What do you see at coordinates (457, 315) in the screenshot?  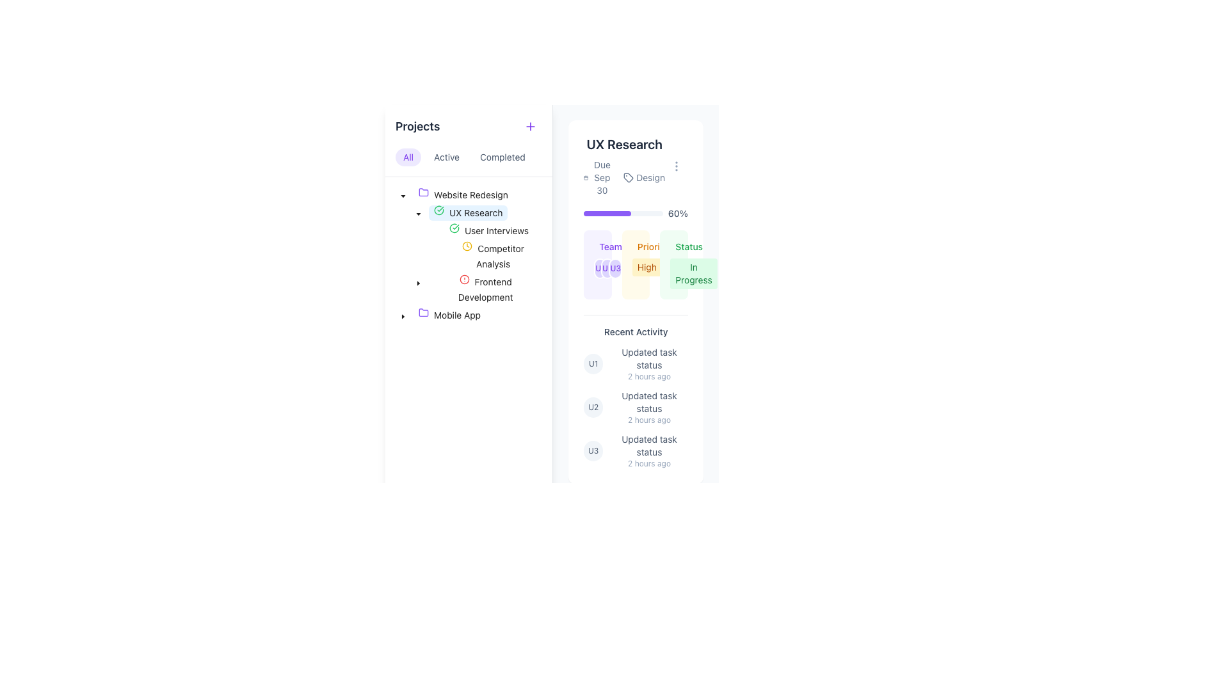 I see `the clickable 'Mobile App' project label in the third tier of the navigation under 'Projects'` at bounding box center [457, 315].